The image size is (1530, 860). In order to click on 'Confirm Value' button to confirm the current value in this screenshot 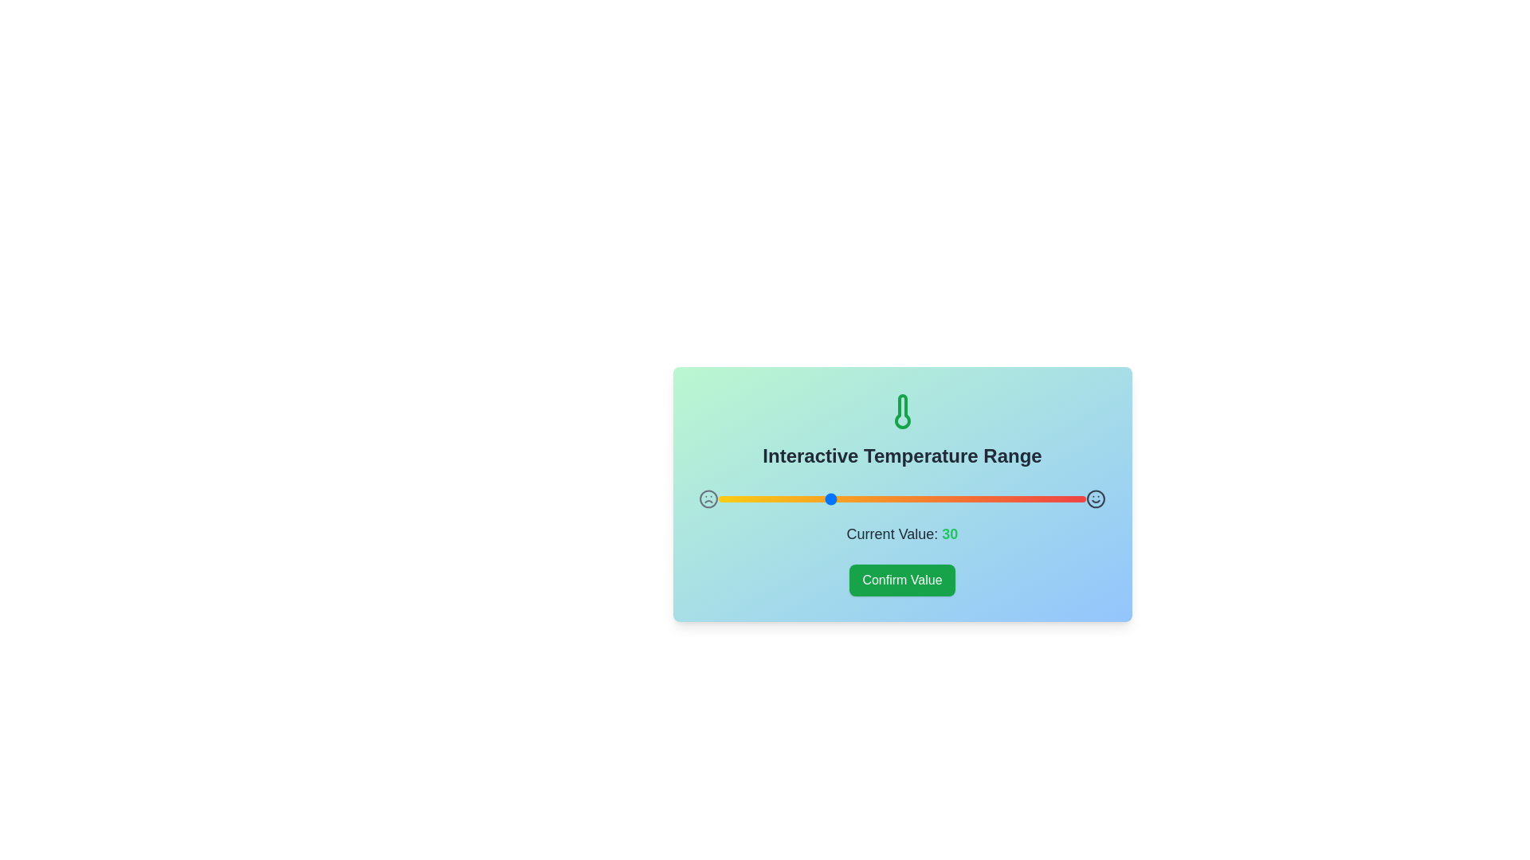, I will do `click(902, 580)`.